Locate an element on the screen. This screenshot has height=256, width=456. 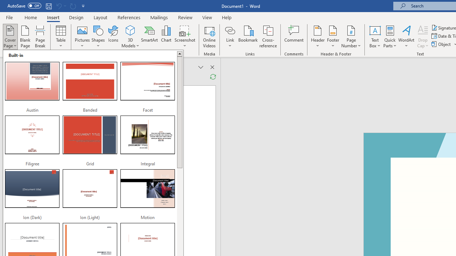
'3D Models' is located at coordinates (130, 37).